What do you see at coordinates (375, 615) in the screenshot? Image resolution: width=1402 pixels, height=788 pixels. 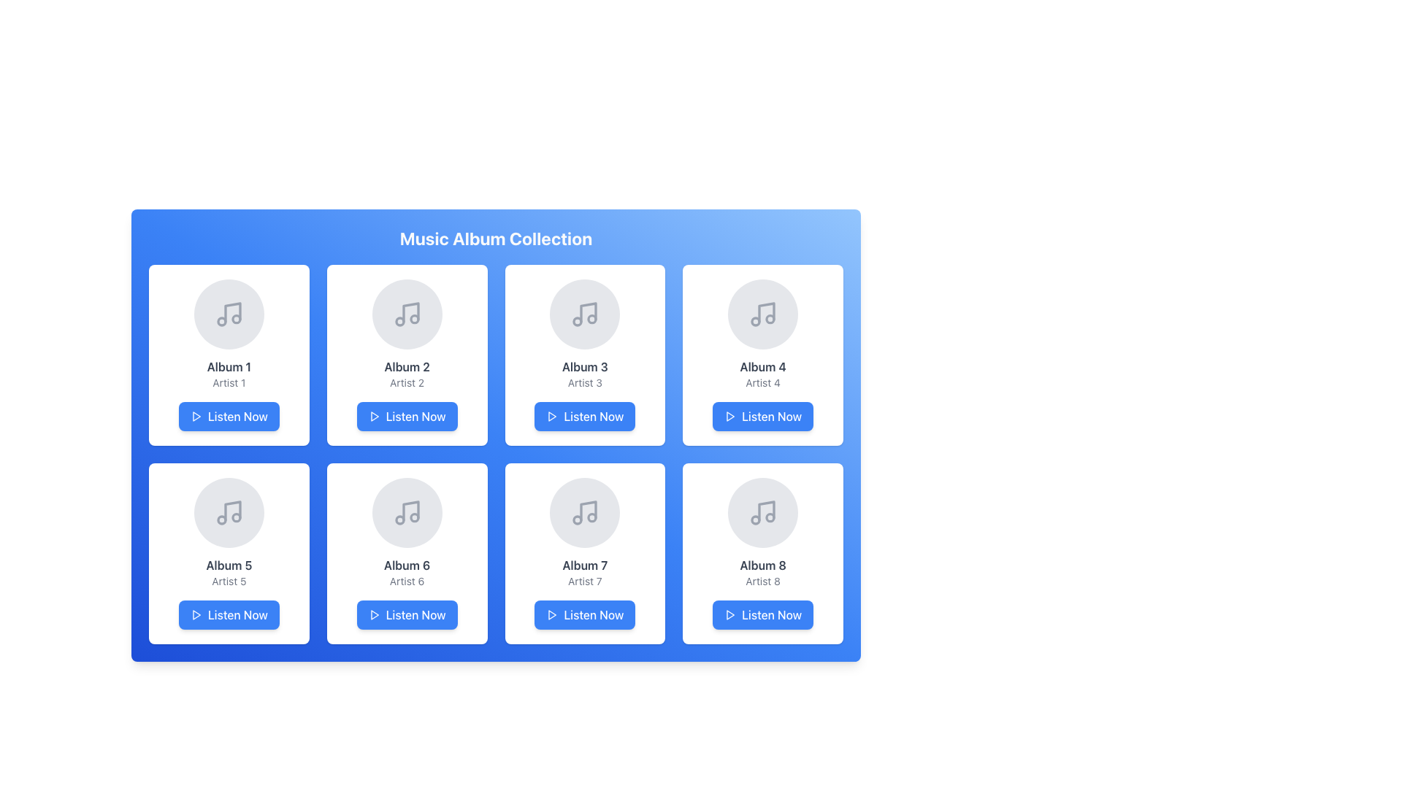 I see `the play icon within the 'Listen Now' button of the sixth album card` at bounding box center [375, 615].